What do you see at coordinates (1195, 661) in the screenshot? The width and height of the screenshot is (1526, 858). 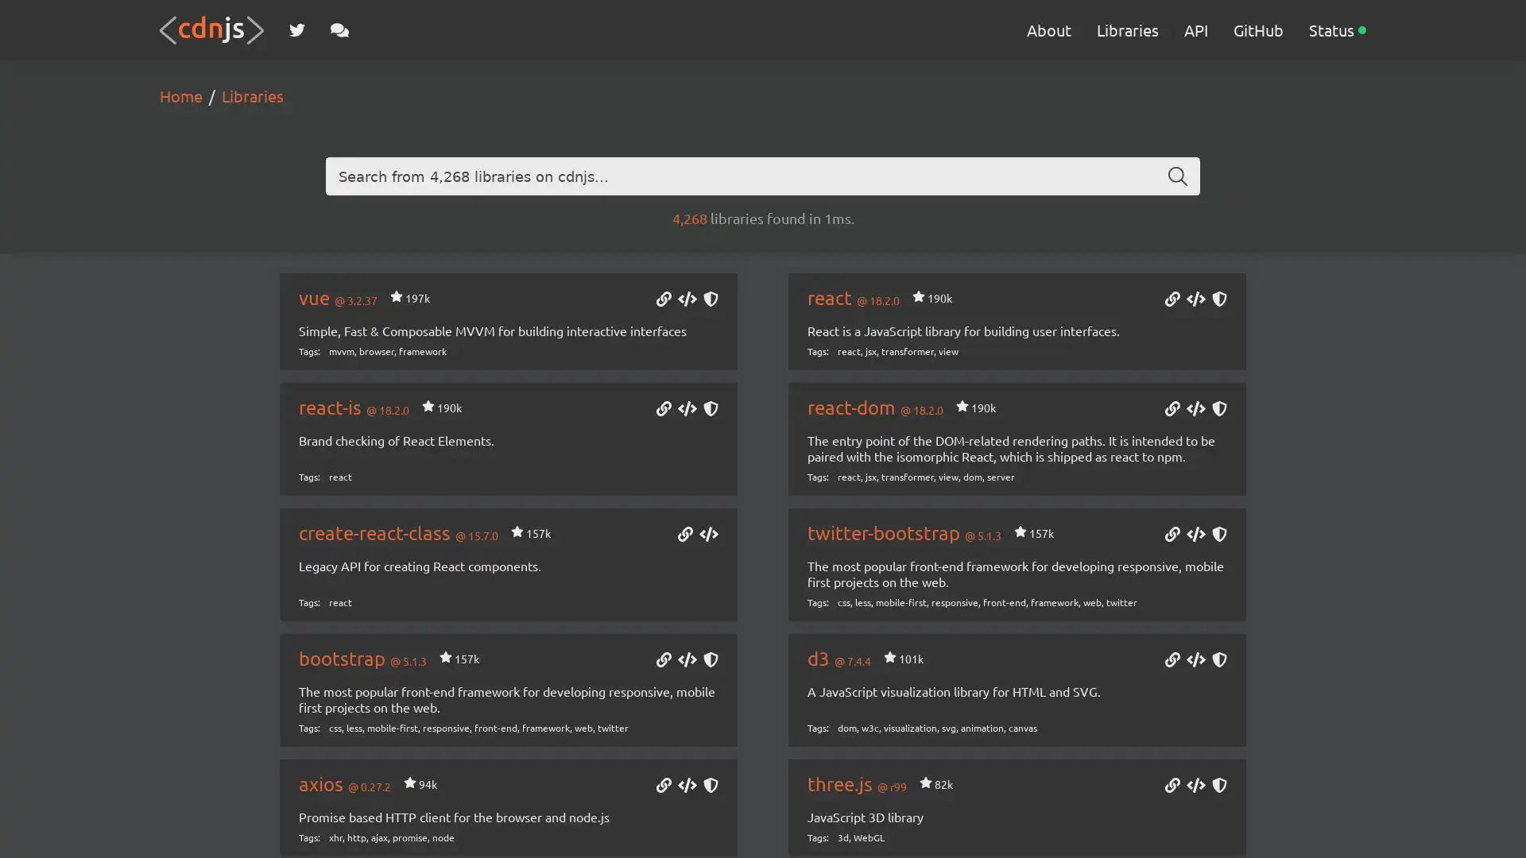 I see `Copy Script Tag` at bounding box center [1195, 661].